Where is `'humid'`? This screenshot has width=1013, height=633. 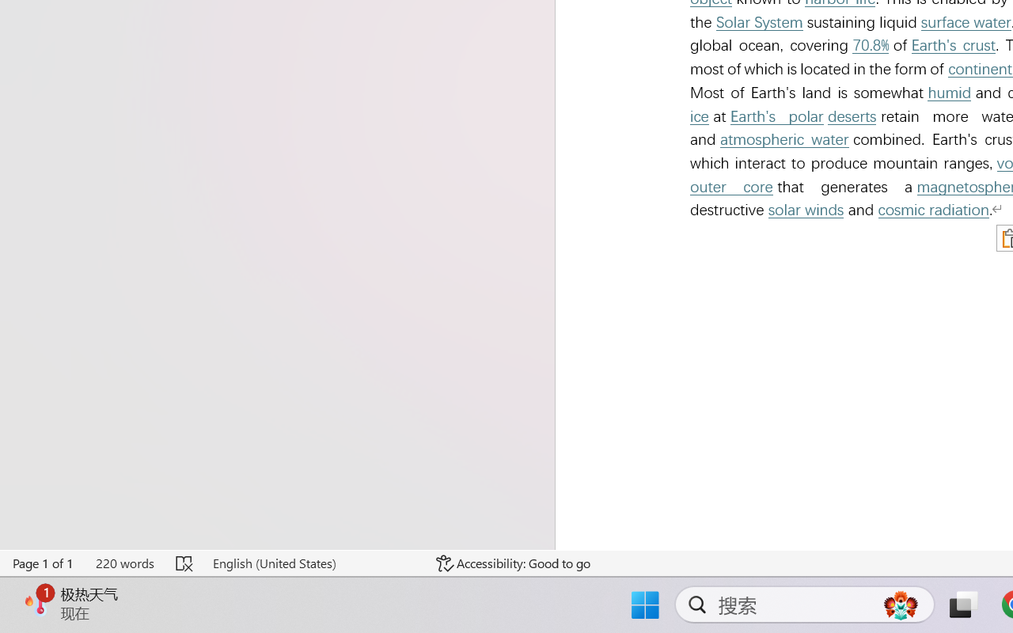 'humid' is located at coordinates (950, 92).